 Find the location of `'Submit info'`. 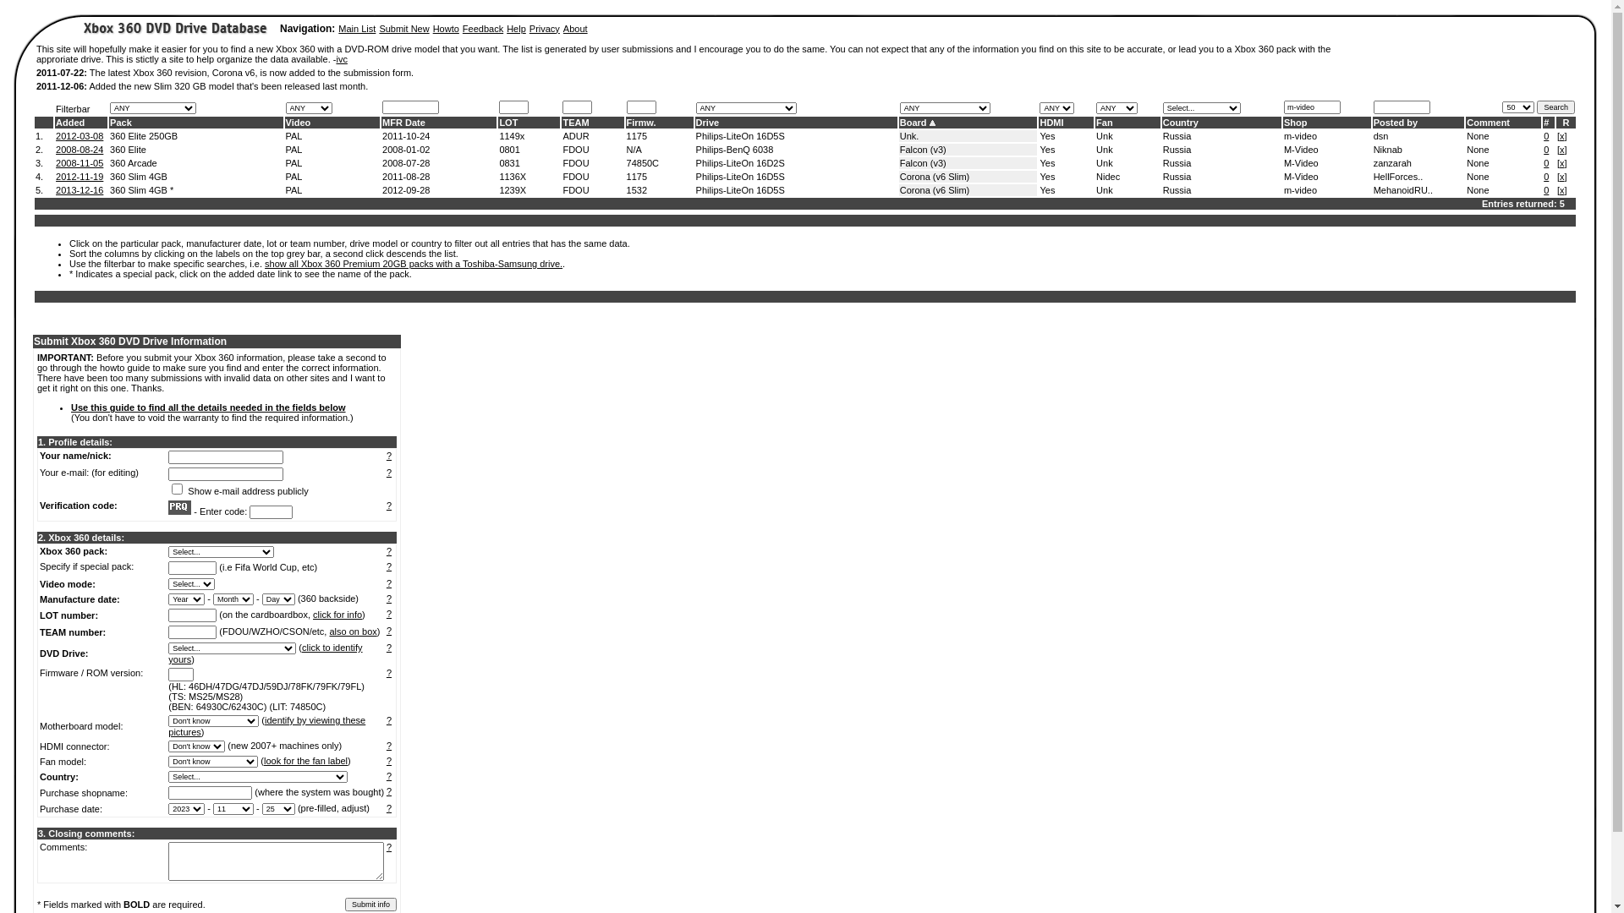

'Submit info' is located at coordinates (370, 903).